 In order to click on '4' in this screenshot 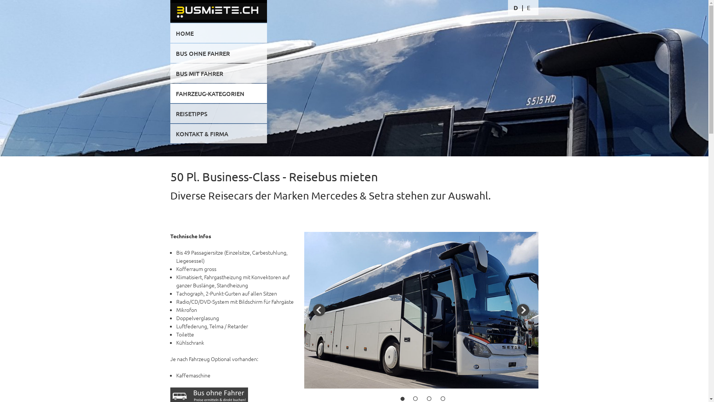, I will do `click(443, 398)`.